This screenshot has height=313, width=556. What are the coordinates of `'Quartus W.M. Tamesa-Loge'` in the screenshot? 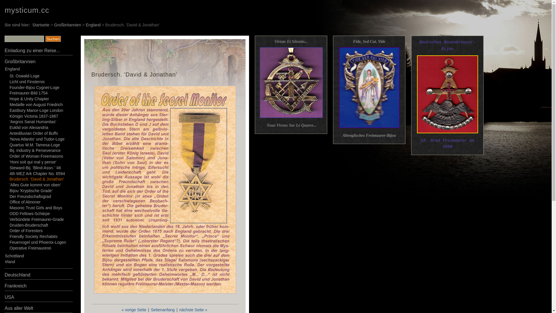 It's located at (34, 145).